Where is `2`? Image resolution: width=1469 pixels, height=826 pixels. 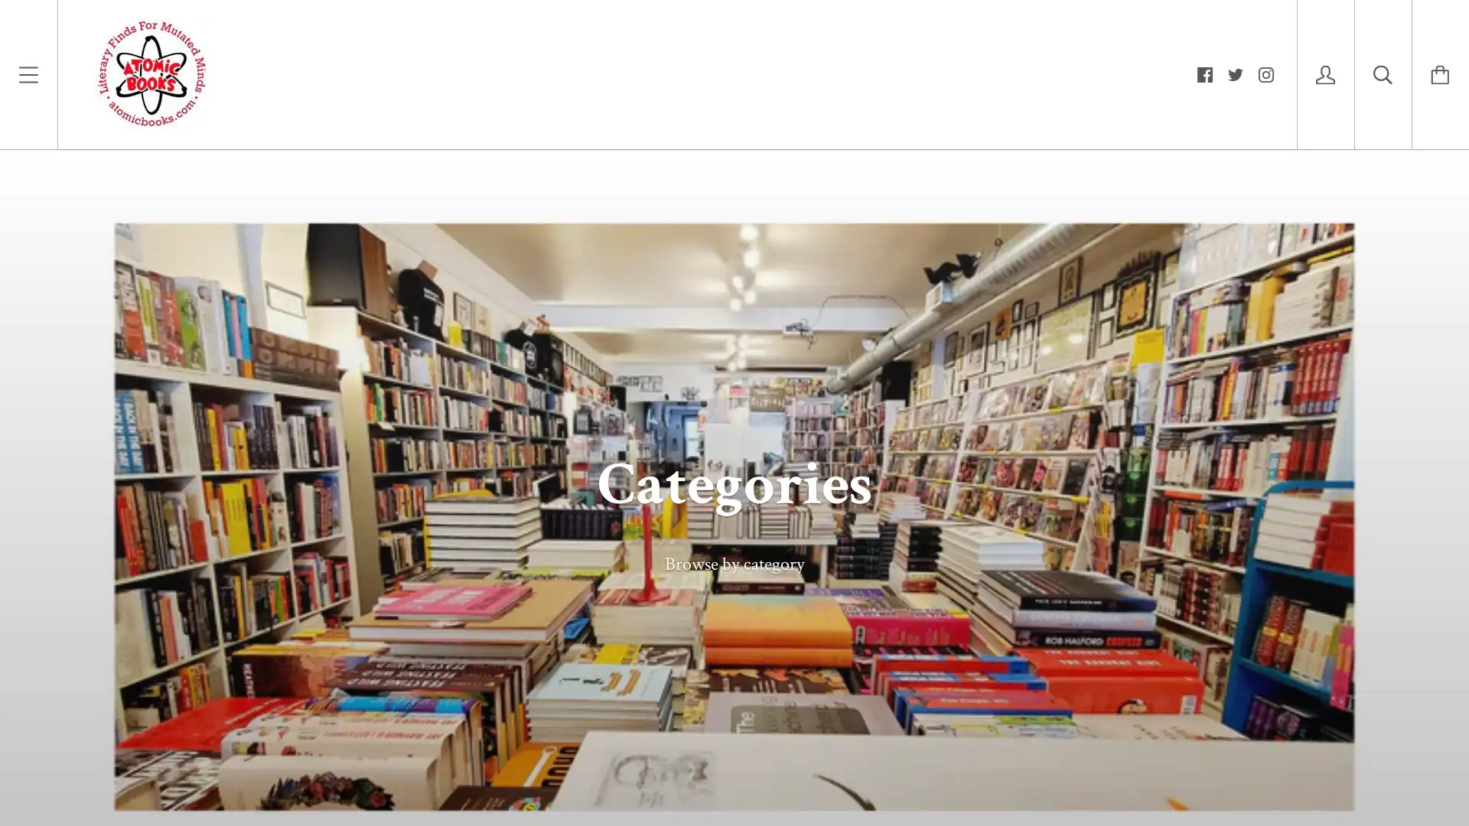 2 is located at coordinates (1307, 754).